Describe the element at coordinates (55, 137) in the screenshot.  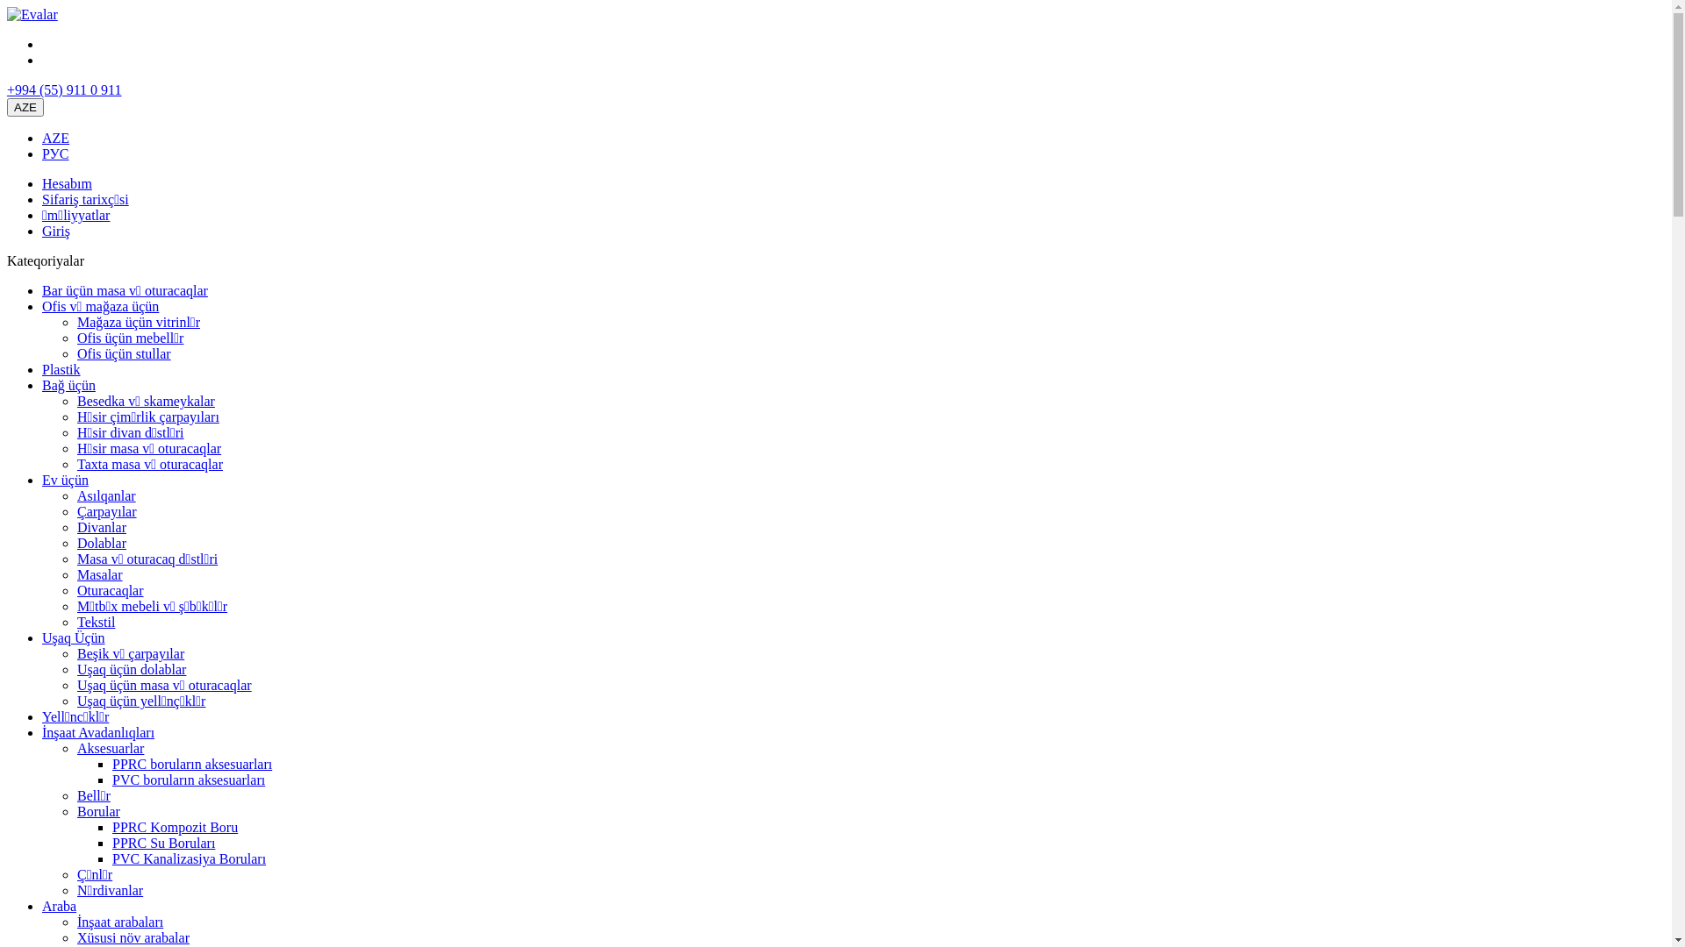
I see `'AZE'` at that location.